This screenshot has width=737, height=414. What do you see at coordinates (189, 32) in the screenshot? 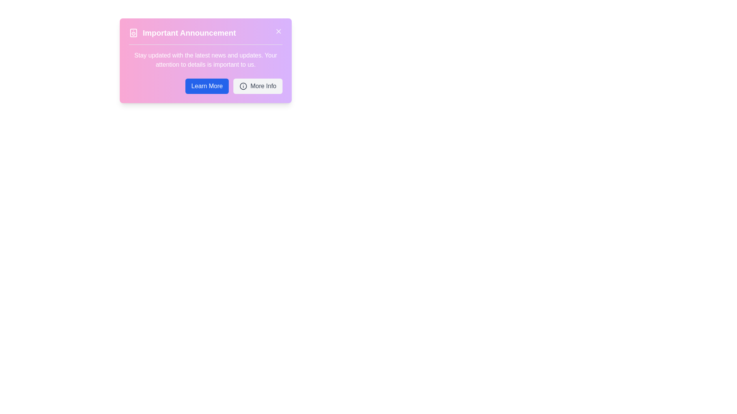
I see `the text component displaying 'Important Announcement'` at bounding box center [189, 32].